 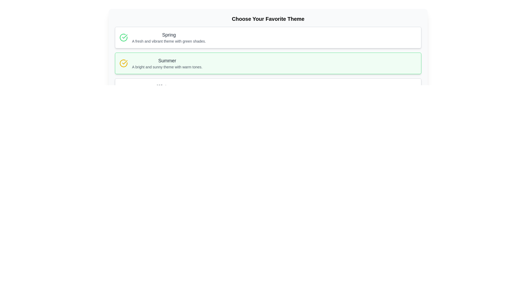 What do you see at coordinates (167, 60) in the screenshot?
I see `the 'Summer' theme title label, which is centered within the green backdrop and located below the 'Spring' theme option` at bounding box center [167, 60].